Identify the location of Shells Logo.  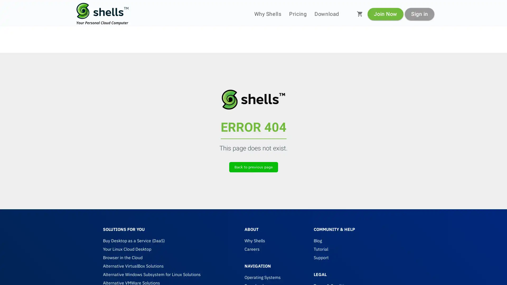
(102, 14).